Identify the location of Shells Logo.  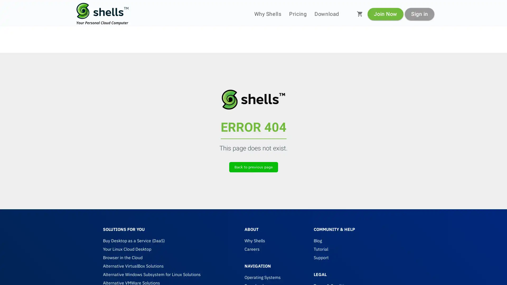
(102, 14).